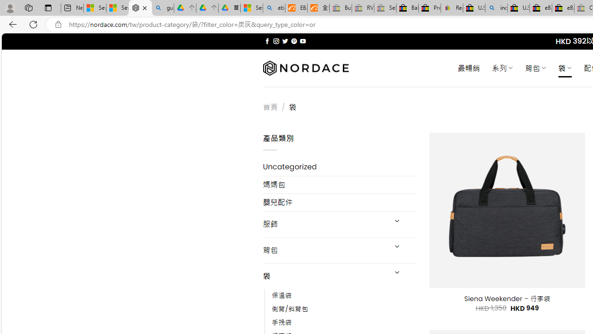  I want to click on 'Press Room - eBay Inc.', so click(429, 8).